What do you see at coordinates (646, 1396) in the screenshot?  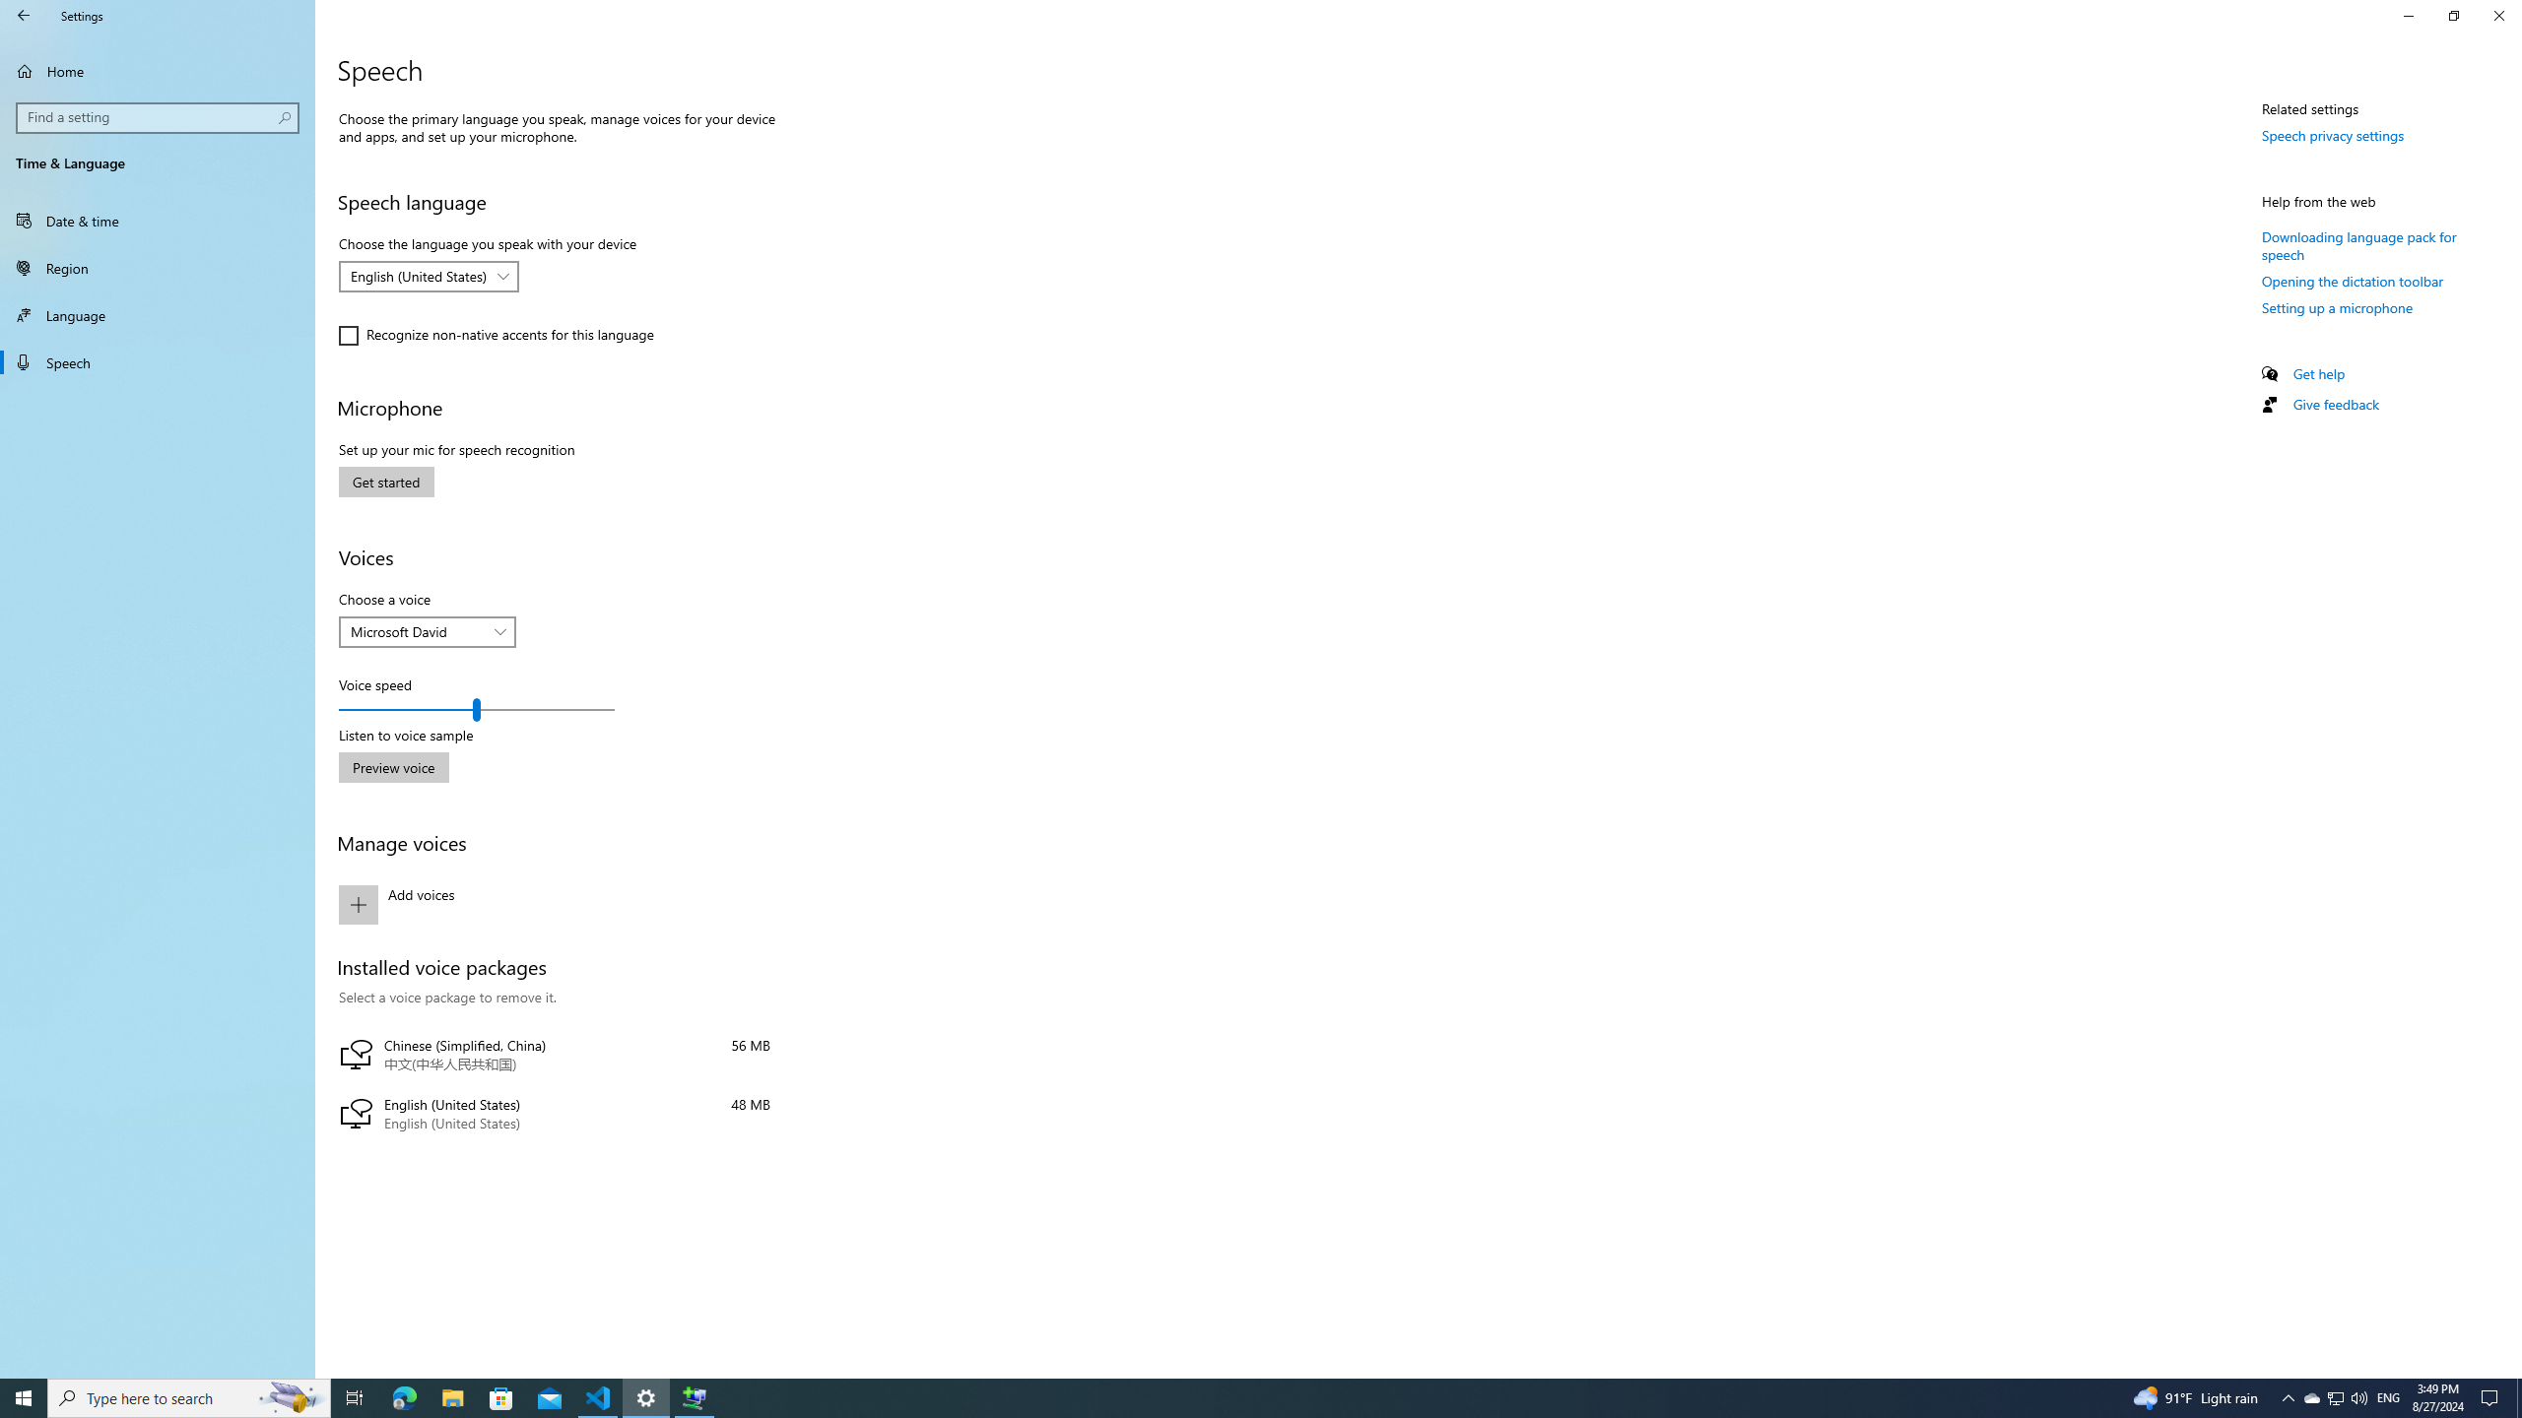 I see `'Settings - 1 running window'` at bounding box center [646, 1396].